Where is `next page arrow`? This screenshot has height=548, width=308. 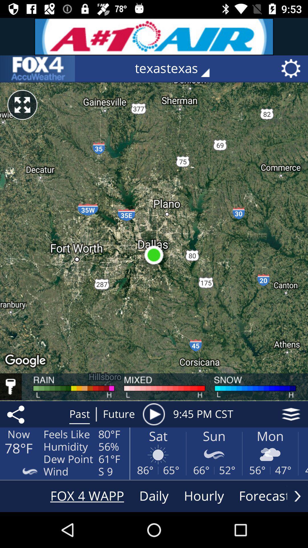
next page arrow is located at coordinates (297, 496).